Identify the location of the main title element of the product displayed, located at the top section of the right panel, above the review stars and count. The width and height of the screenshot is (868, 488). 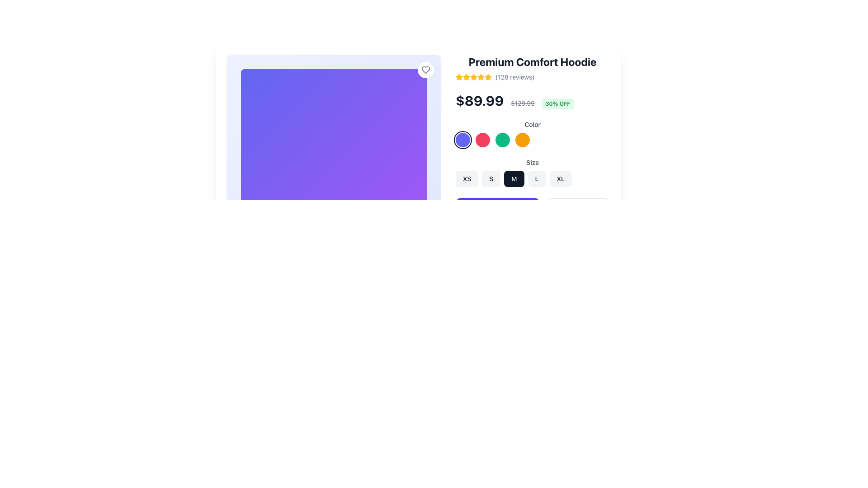
(533, 61).